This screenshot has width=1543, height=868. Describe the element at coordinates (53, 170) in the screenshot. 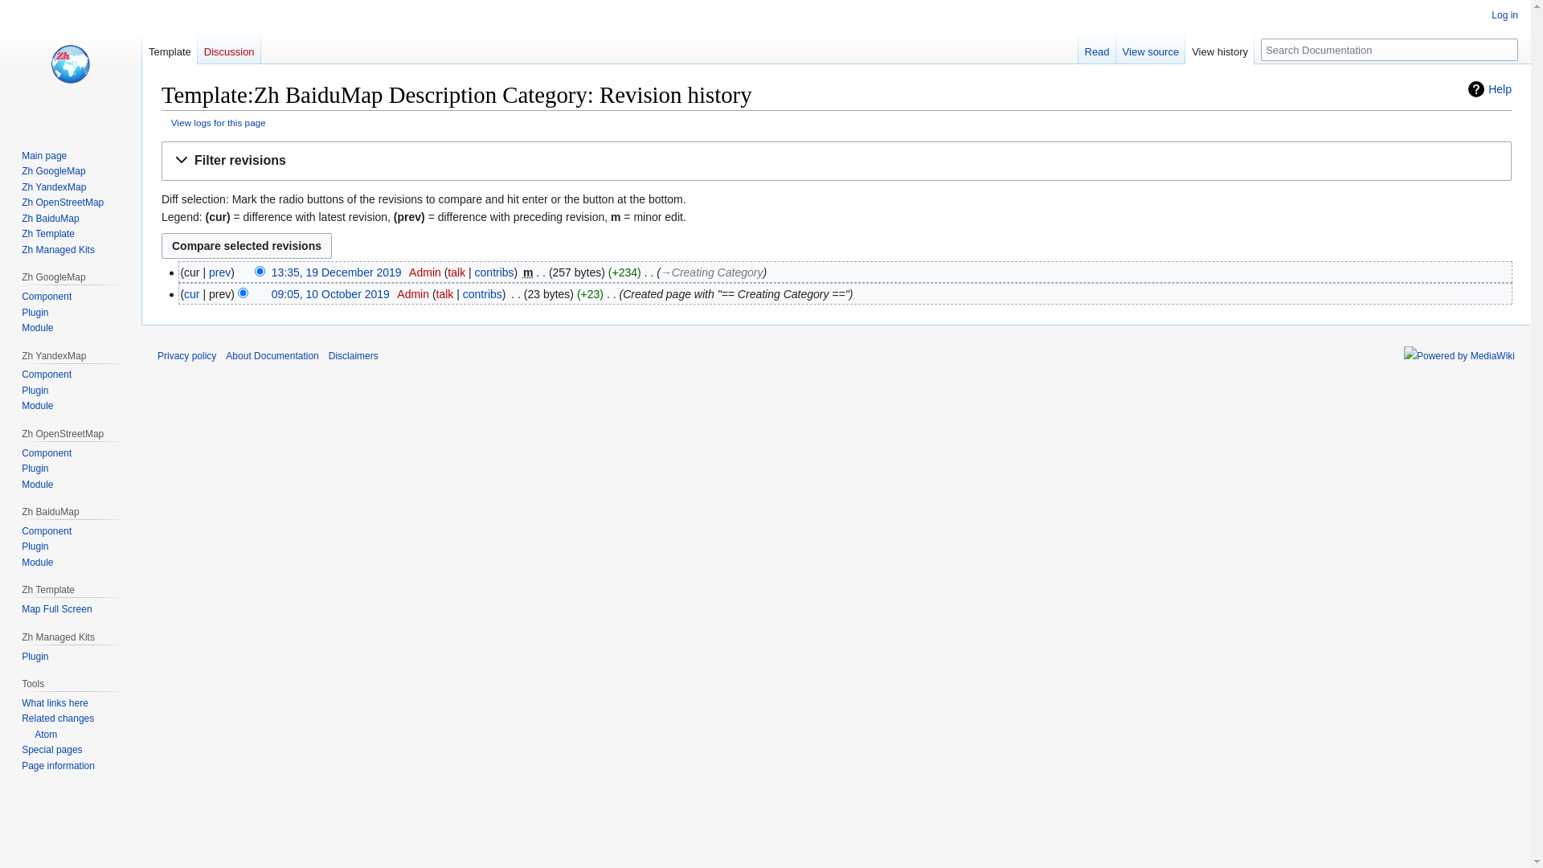

I see `'Zh GoogleMap'` at that location.